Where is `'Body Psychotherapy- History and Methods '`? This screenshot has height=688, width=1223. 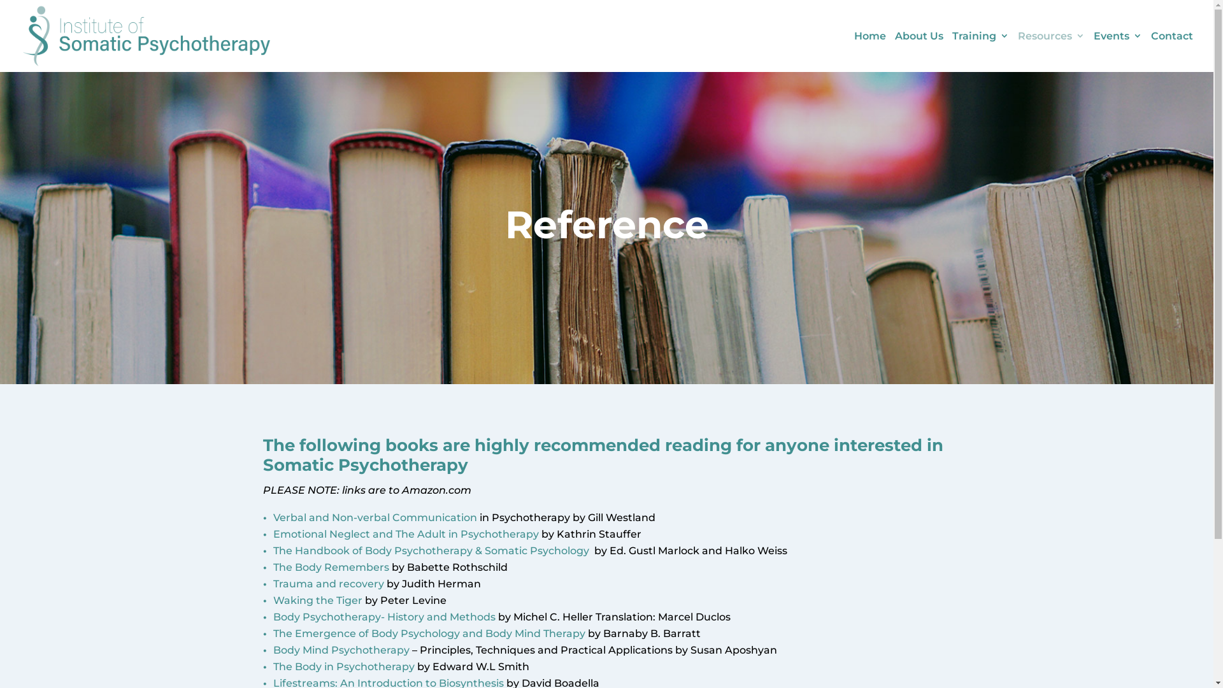
'Body Psychotherapy- History and Methods ' is located at coordinates (384, 616).